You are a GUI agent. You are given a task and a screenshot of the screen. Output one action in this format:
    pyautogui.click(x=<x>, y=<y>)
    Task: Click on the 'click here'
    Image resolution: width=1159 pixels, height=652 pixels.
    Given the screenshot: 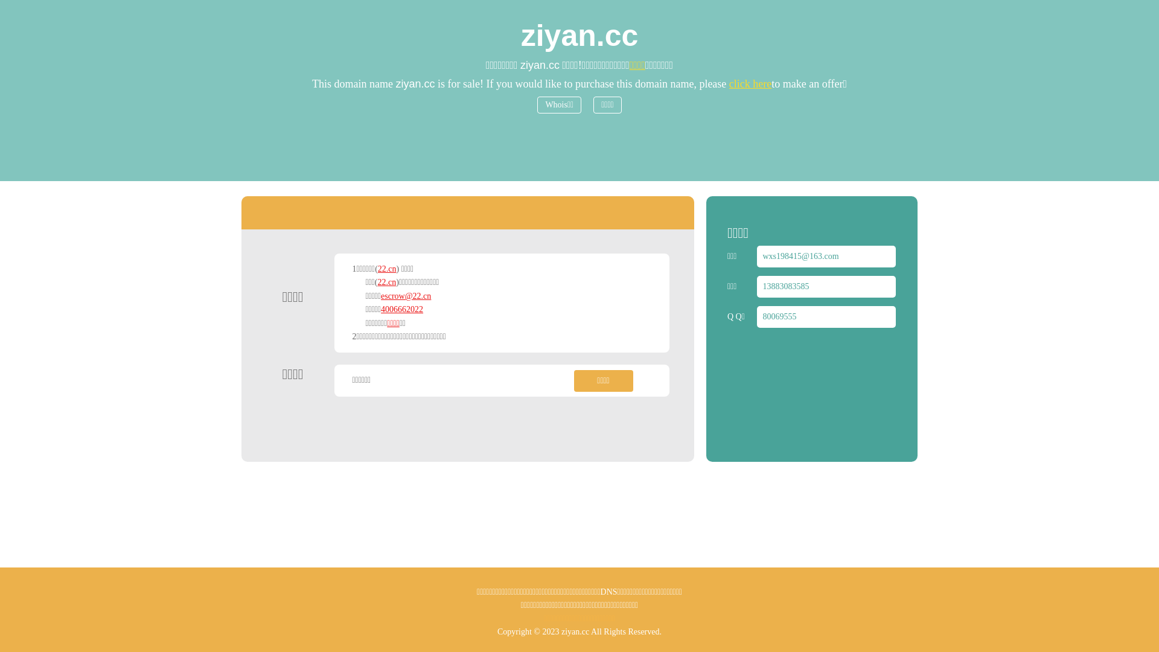 What is the action you would take?
    pyautogui.click(x=750, y=83)
    